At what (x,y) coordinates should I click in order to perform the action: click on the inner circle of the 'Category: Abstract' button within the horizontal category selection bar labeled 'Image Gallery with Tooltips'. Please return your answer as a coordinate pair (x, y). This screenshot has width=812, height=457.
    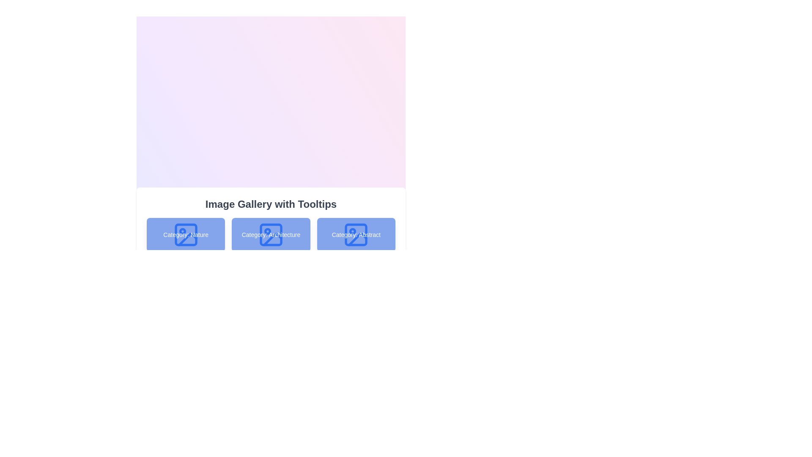
    Looking at the image, I should click on (353, 231).